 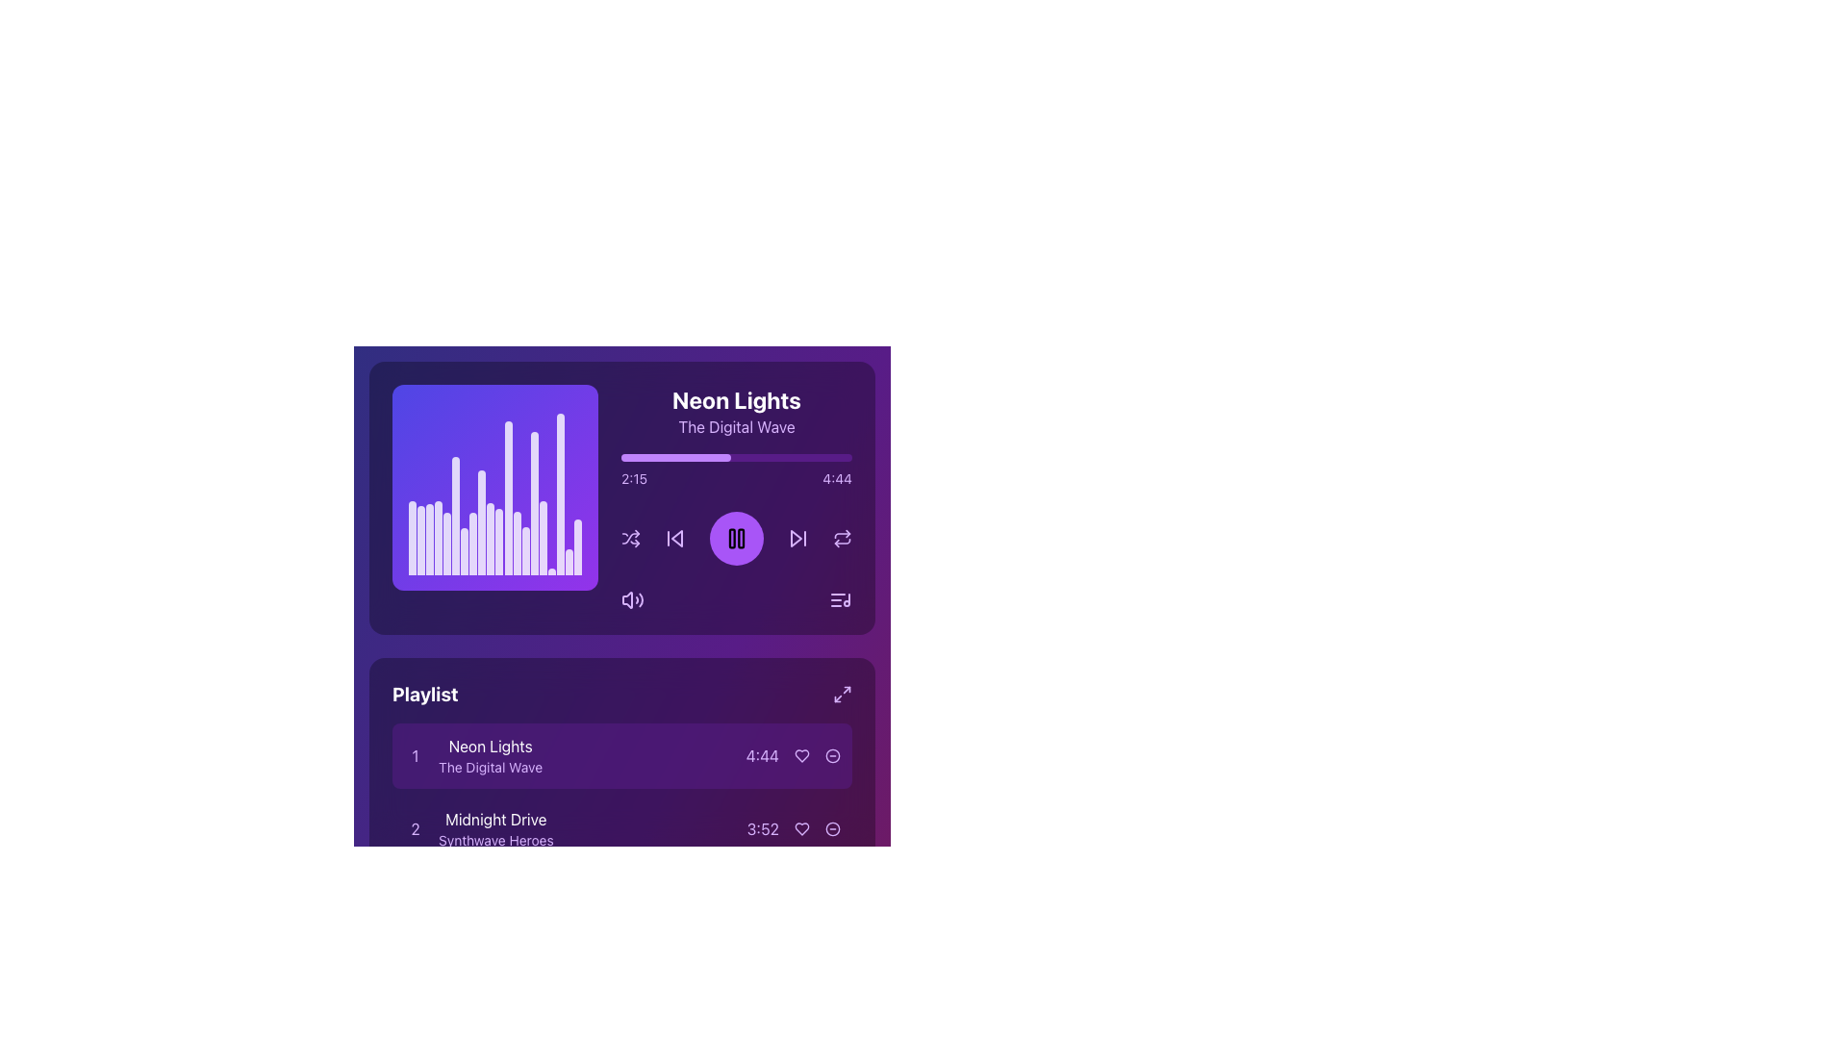 What do you see at coordinates (658, 457) in the screenshot?
I see `the progress` at bounding box center [658, 457].